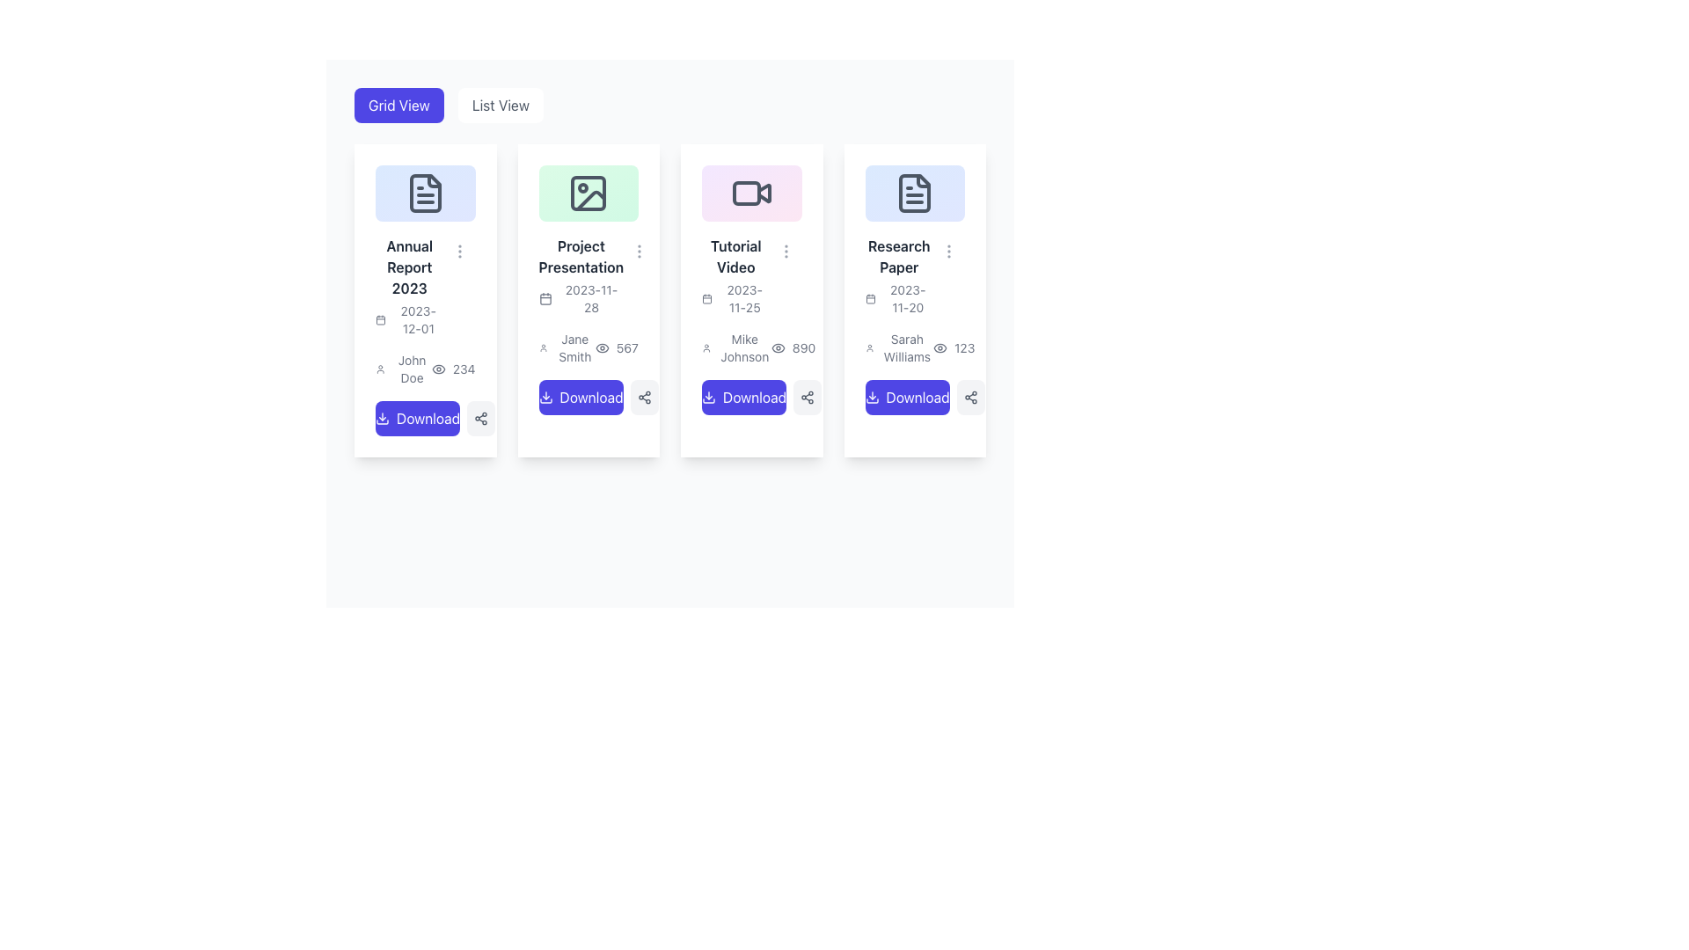  I want to click on text label displaying the name 'Jane Smith', which is located within the 'Project Presentation' card, positioned below the date information and above the view count indicator, so click(567, 347).